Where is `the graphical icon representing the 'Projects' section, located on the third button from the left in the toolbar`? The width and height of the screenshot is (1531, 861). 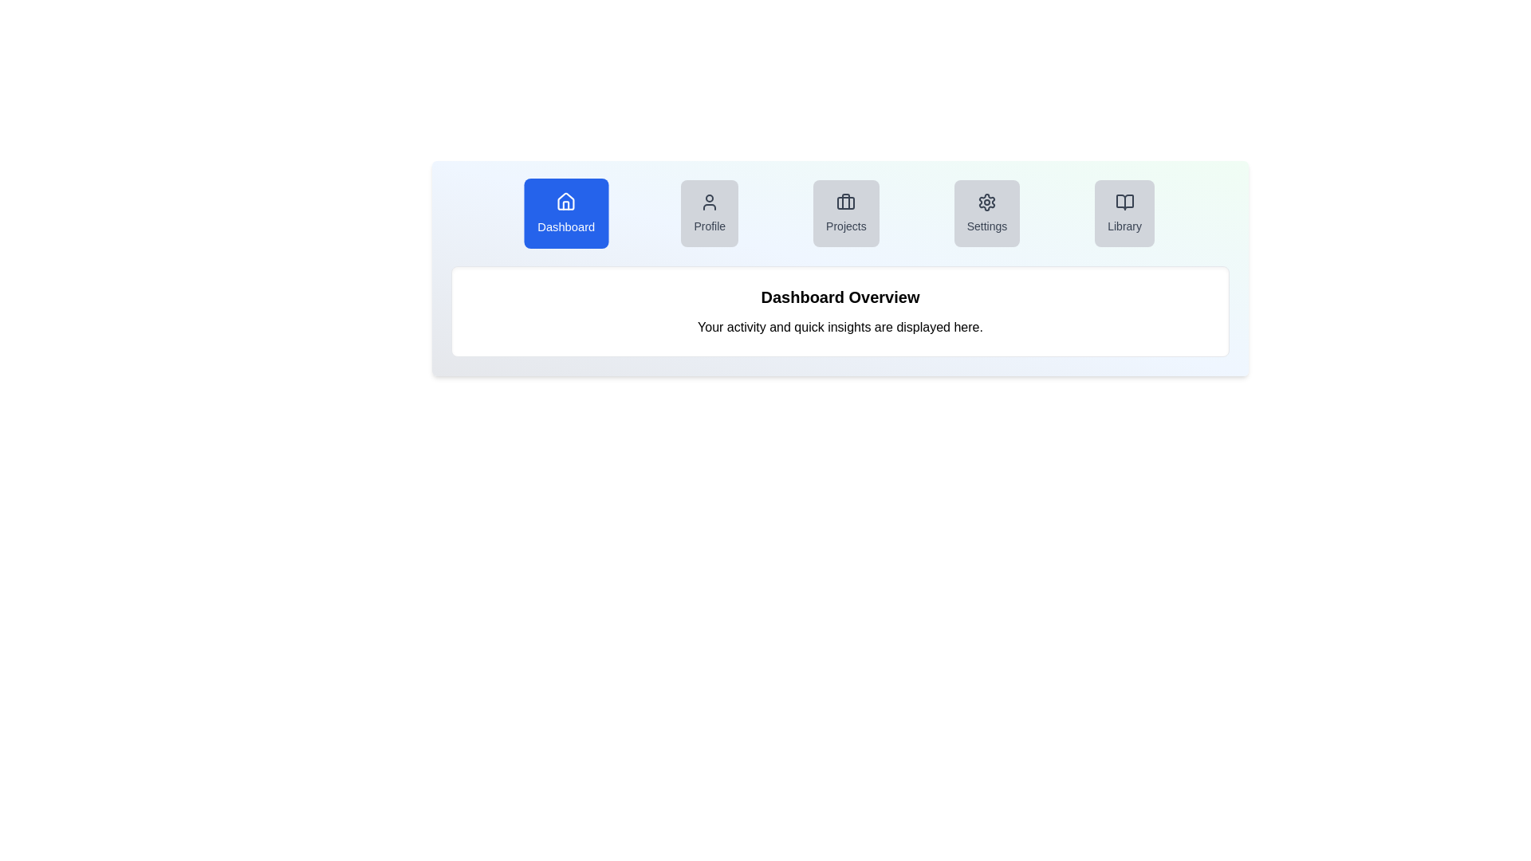 the graphical icon representing the 'Projects' section, located on the third button from the left in the toolbar is located at coordinates (845, 202).